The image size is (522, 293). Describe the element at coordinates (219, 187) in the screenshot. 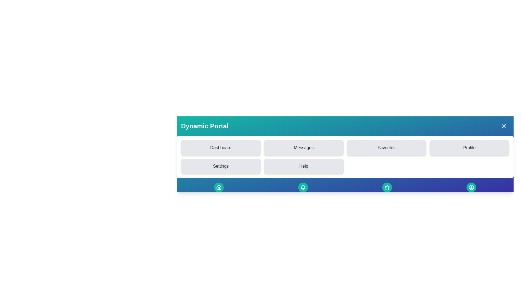

I see `the Home button in the footer` at that location.